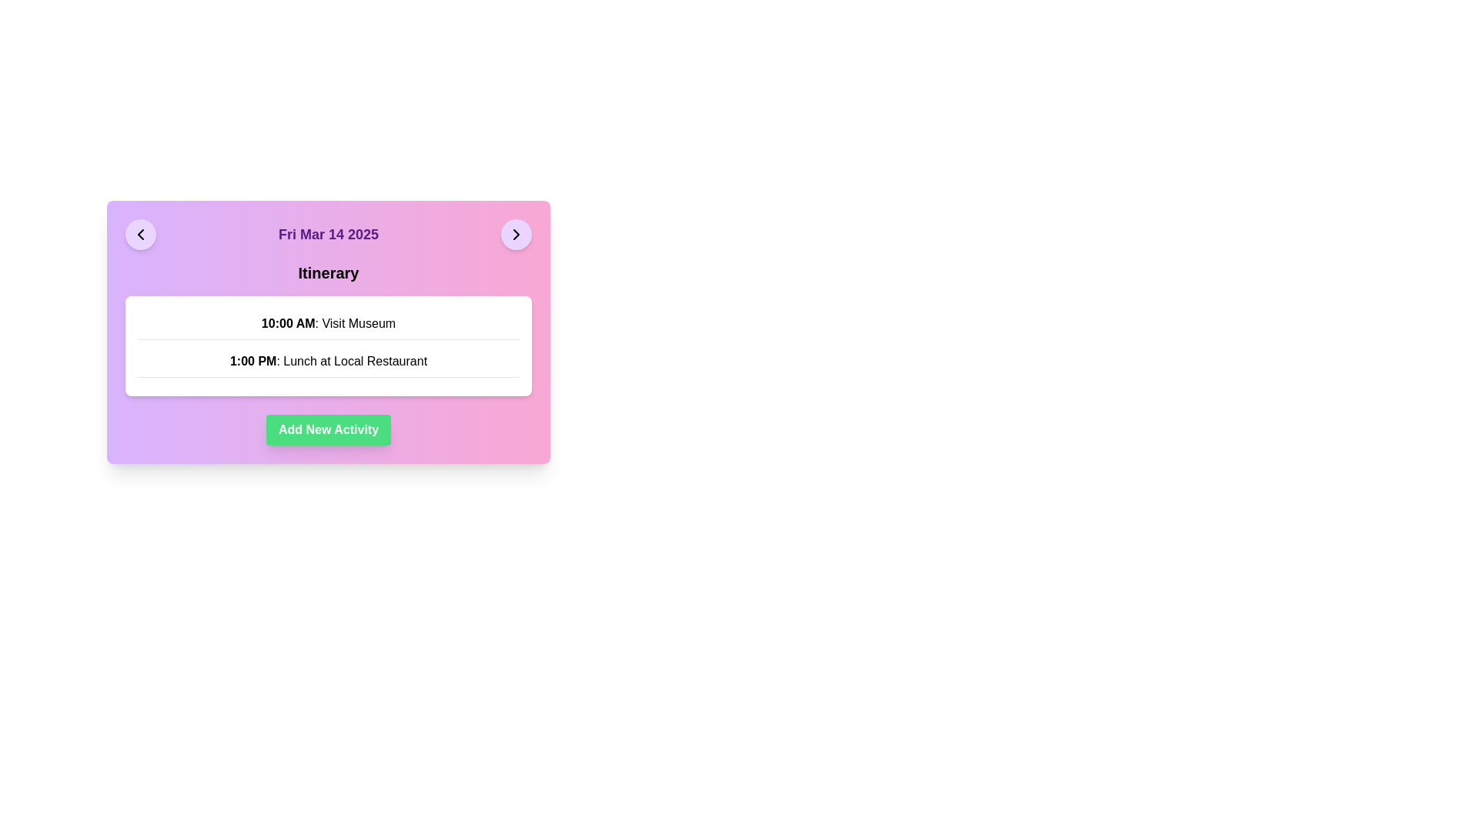  Describe the element at coordinates (328, 234) in the screenshot. I see `the Text Display element that shows the current date, centrally aligned at the top section of the card layout` at that location.